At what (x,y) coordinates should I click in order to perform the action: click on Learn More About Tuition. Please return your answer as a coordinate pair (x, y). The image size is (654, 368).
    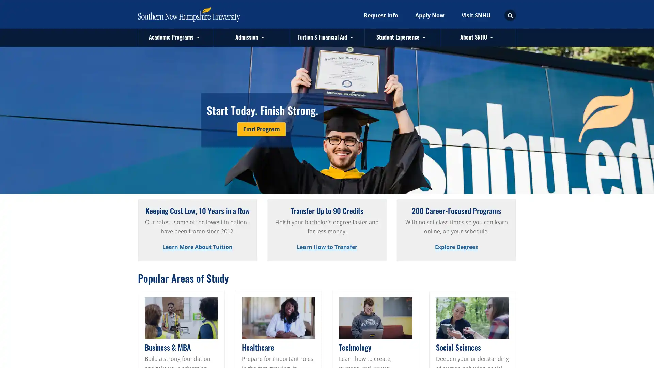
    Looking at the image, I should click on (197, 247).